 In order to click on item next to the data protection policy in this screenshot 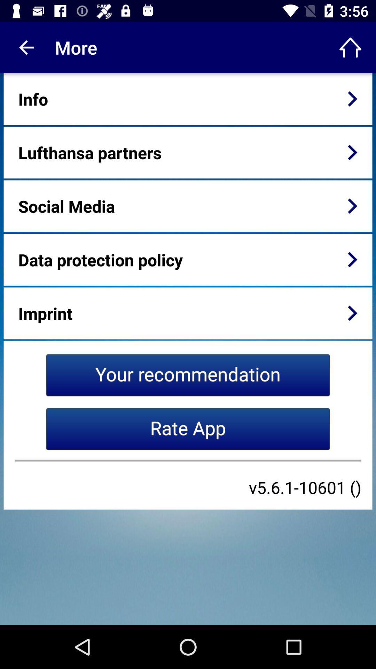, I will do `click(352, 259)`.